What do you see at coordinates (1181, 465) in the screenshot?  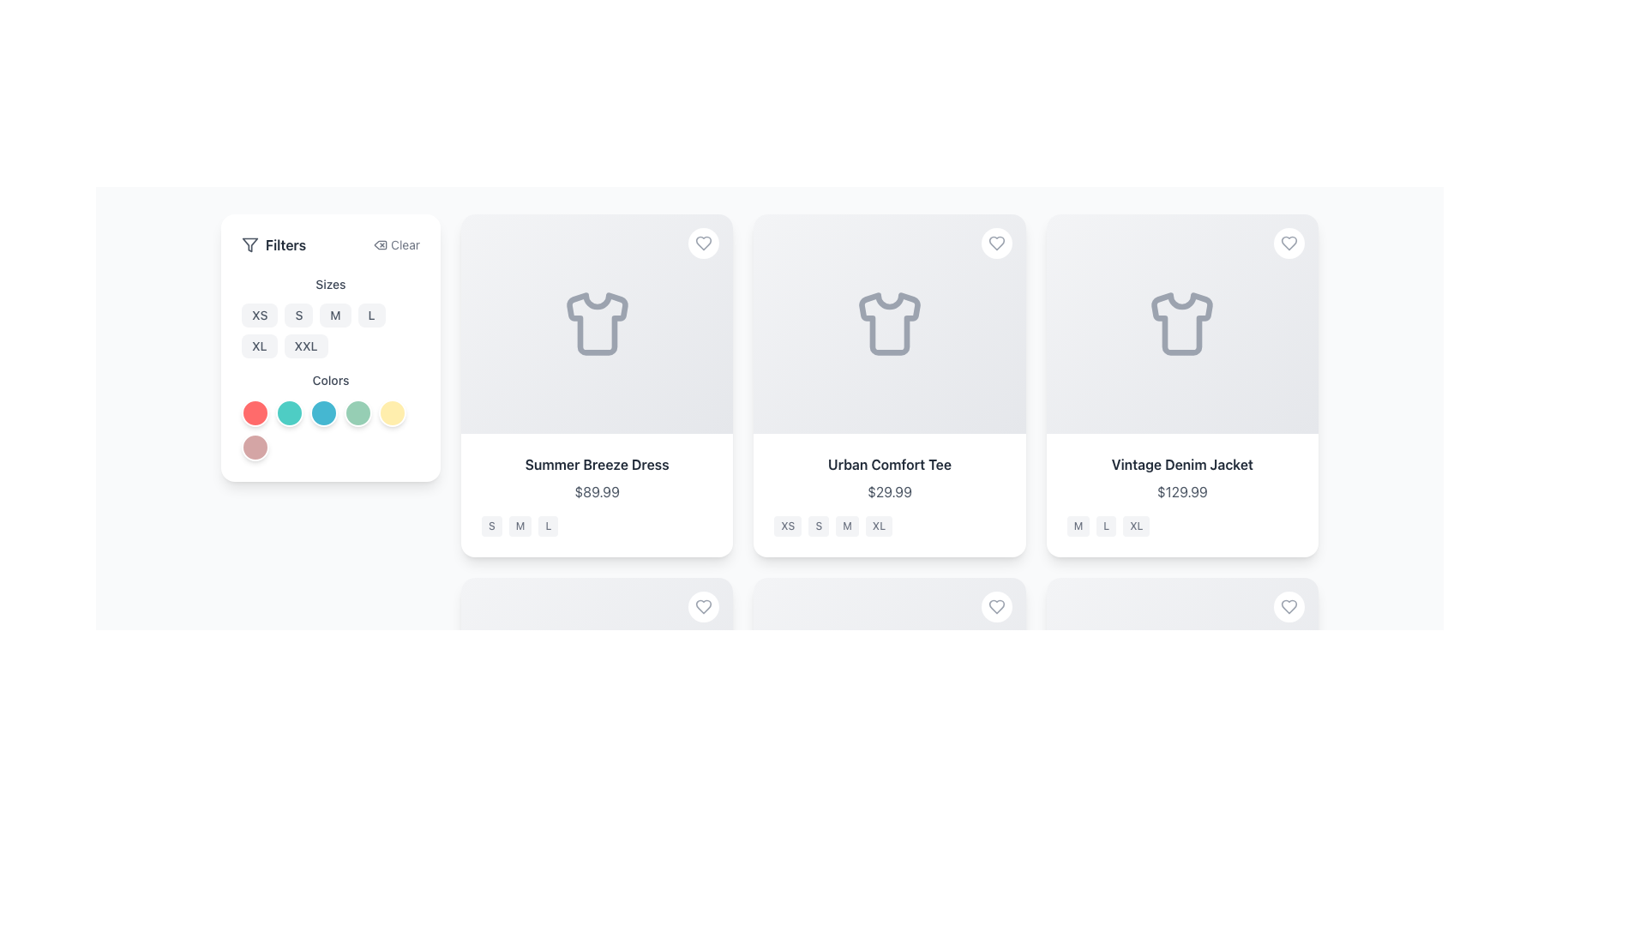 I see `the text display element that shows 'Vintage Denim Jacket', which is styled in bold dark gray and is located within a card on the far right of a three-card layout` at bounding box center [1181, 465].